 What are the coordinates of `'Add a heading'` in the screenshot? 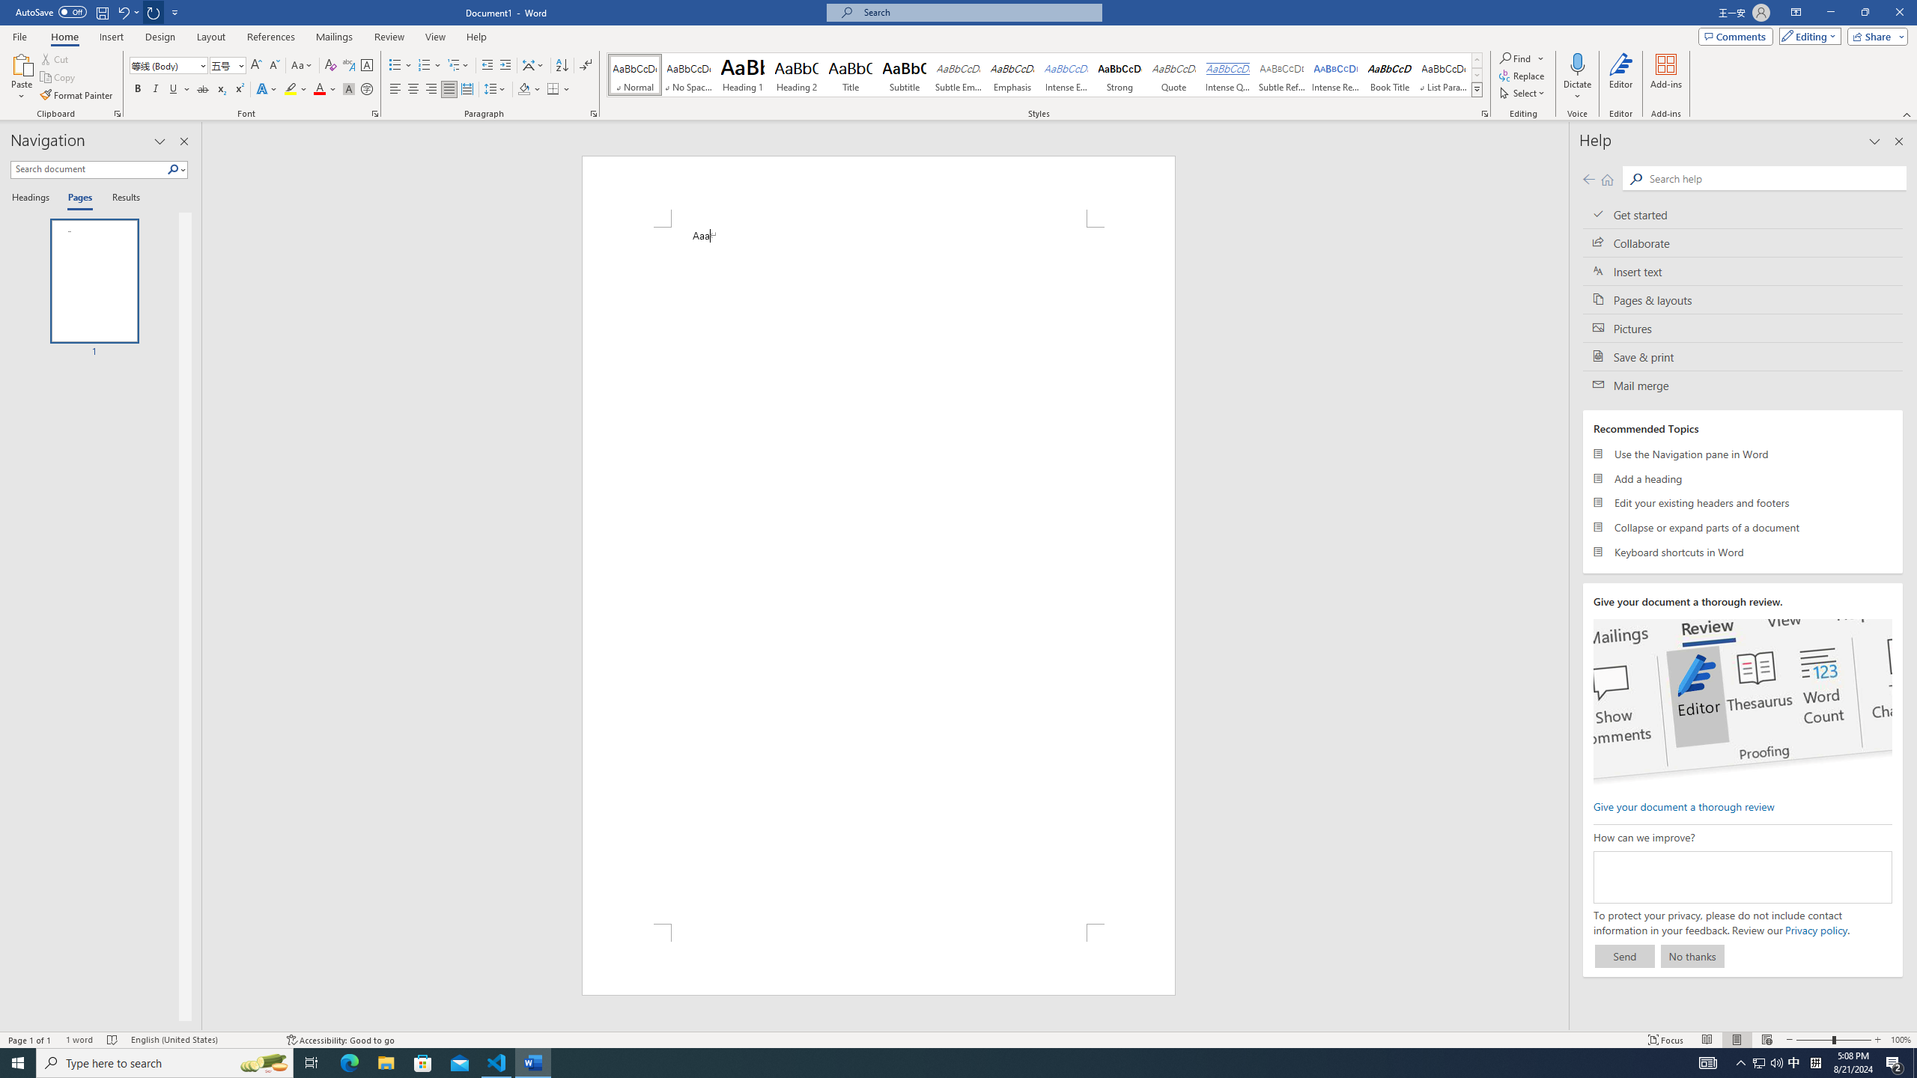 It's located at (1743, 478).